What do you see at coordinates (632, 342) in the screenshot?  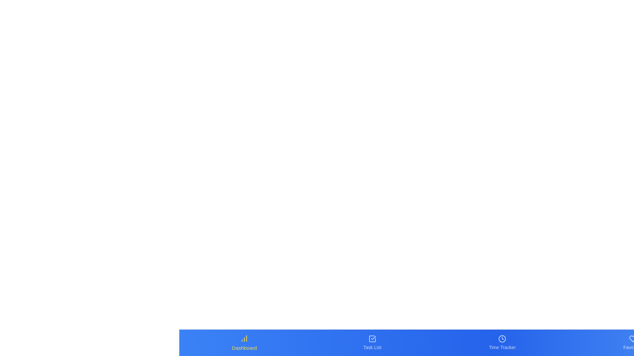 I see `the Favorites tab in the bottom navigation bar` at bounding box center [632, 342].